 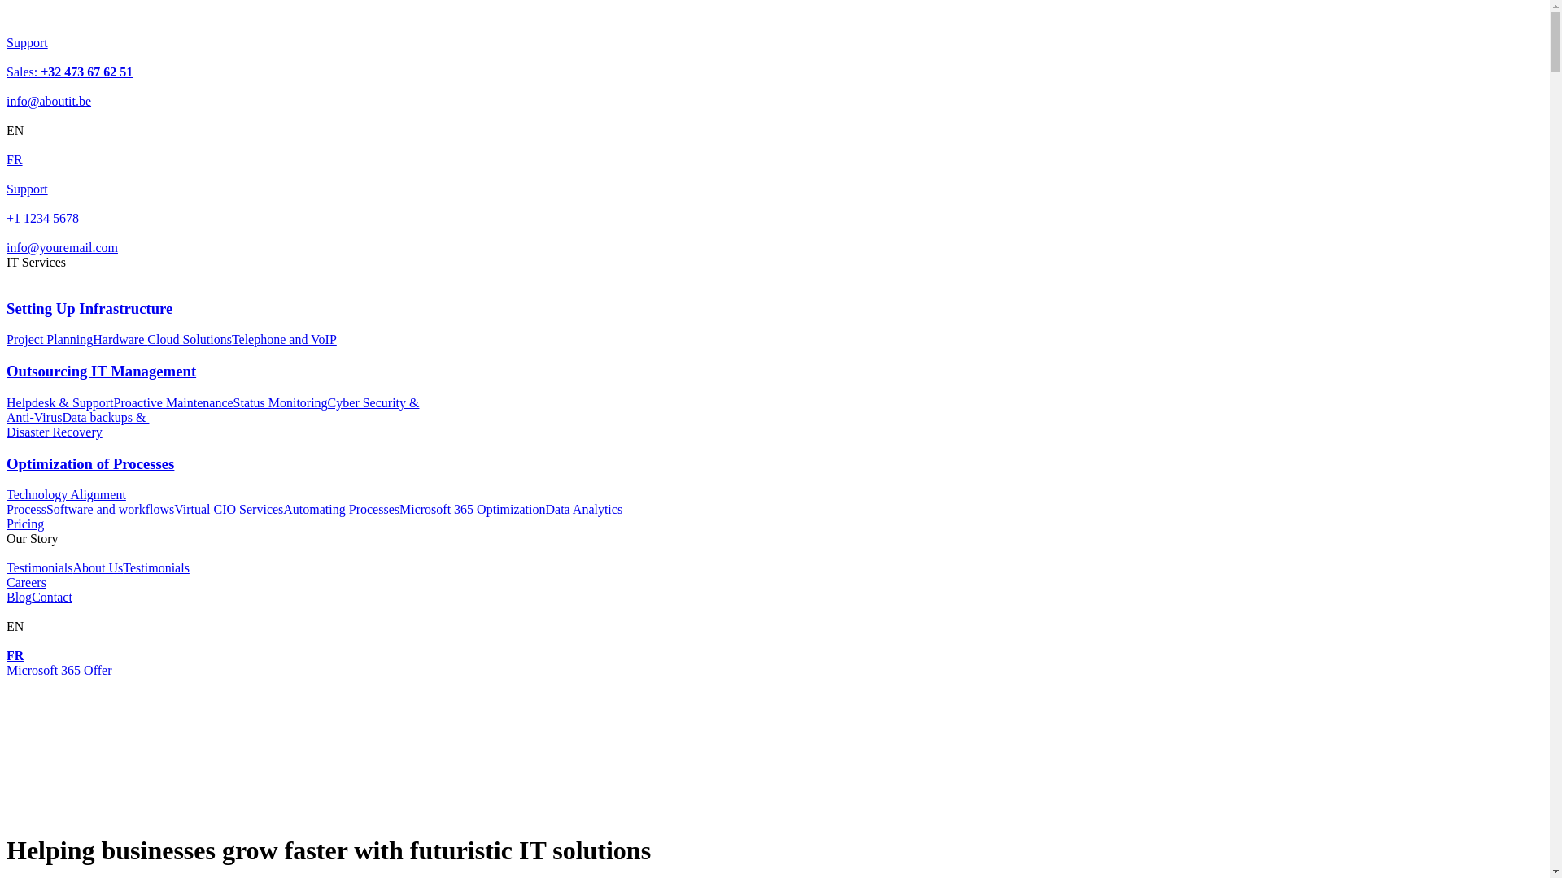 What do you see at coordinates (156, 567) in the screenshot?
I see `'Testimonials'` at bounding box center [156, 567].